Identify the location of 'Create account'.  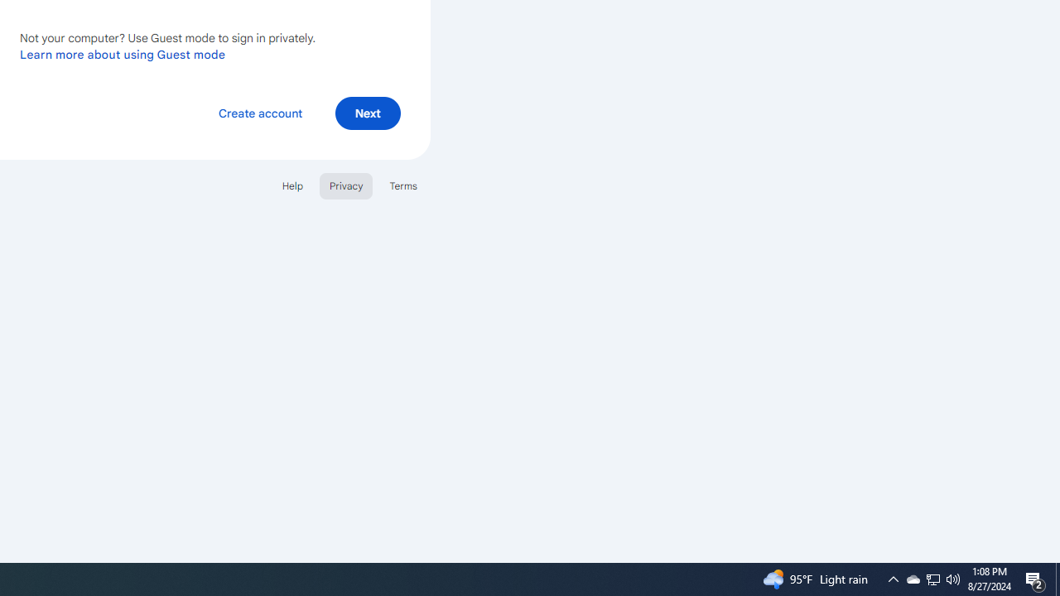
(259, 112).